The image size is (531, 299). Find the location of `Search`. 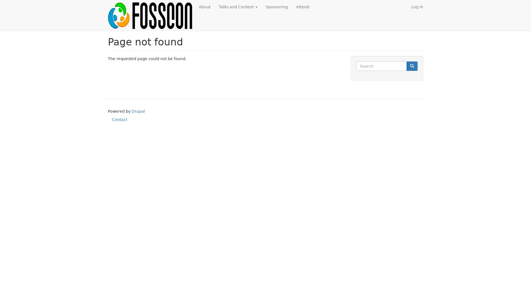

Search is located at coordinates (412, 66).